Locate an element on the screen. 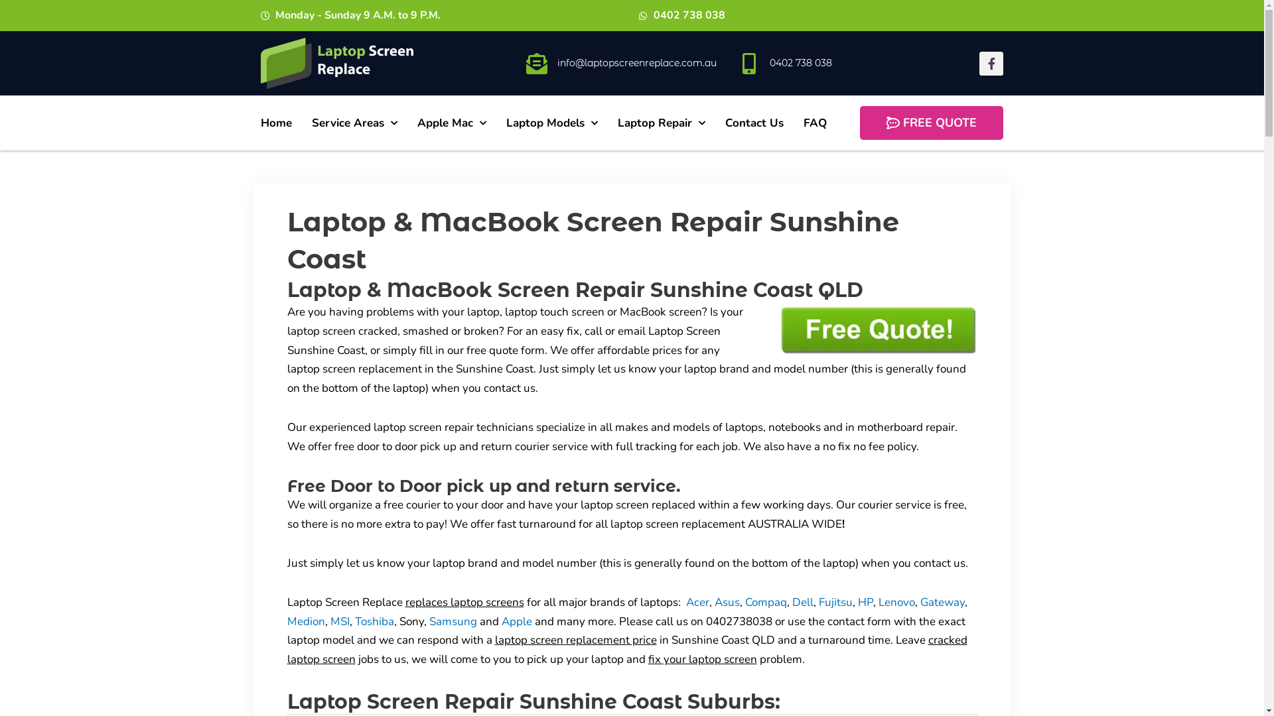  'info@laptopscreenreplace.com.au' is located at coordinates (637, 63).